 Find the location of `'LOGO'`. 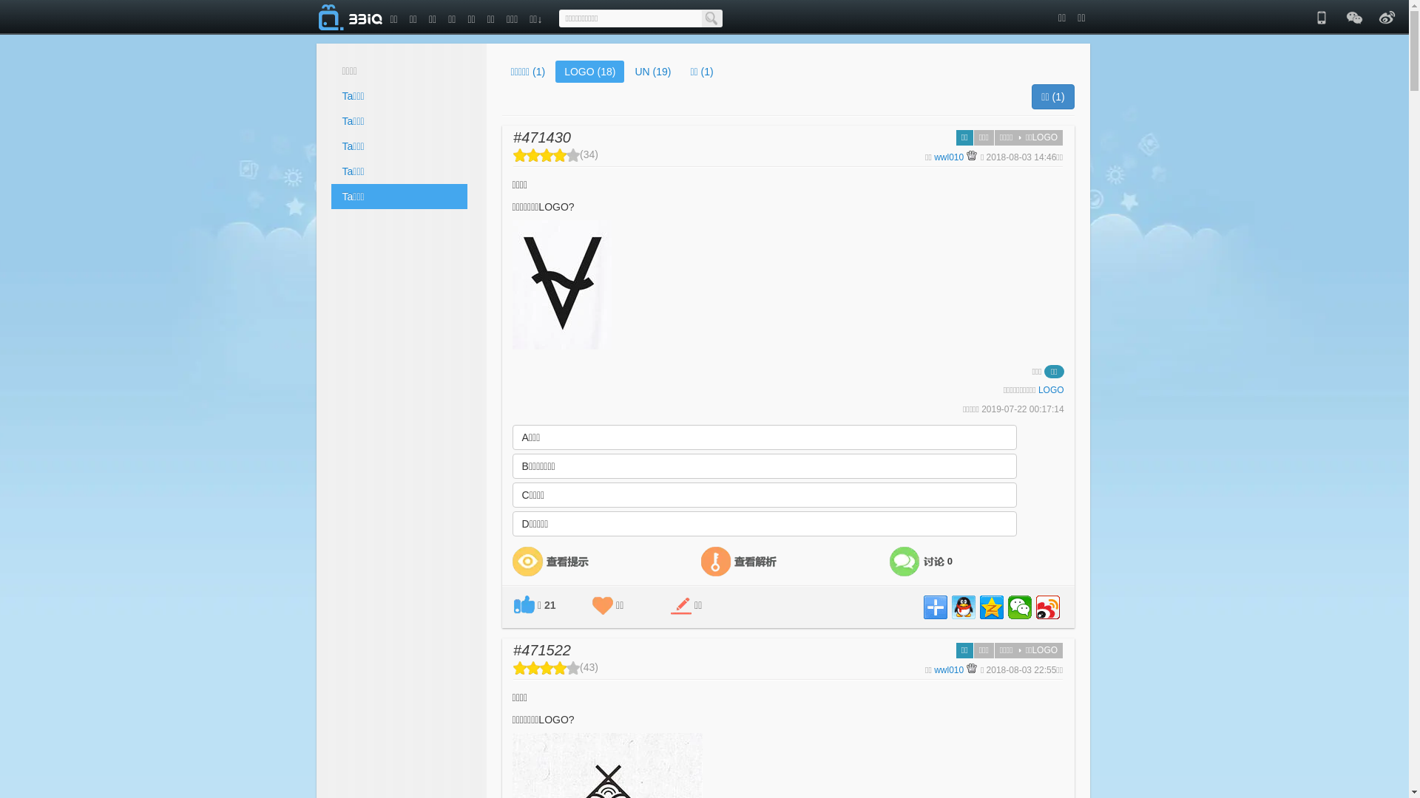

'LOGO' is located at coordinates (1037, 389).